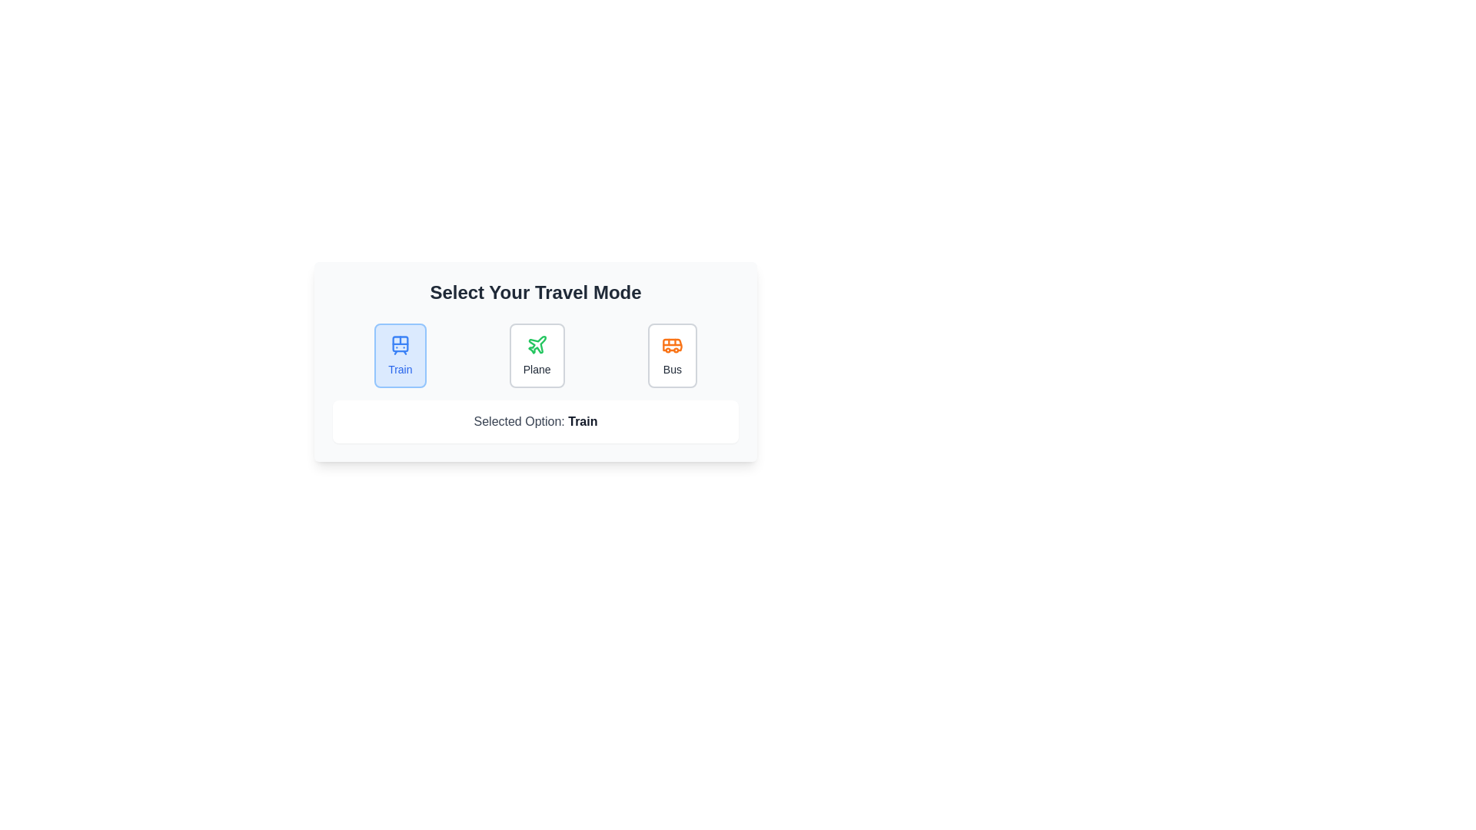  What do you see at coordinates (672, 344) in the screenshot?
I see `the bus icon graphic located within the rightmost button labeled 'Bus' in a row of three horizontally aligned buttons` at bounding box center [672, 344].